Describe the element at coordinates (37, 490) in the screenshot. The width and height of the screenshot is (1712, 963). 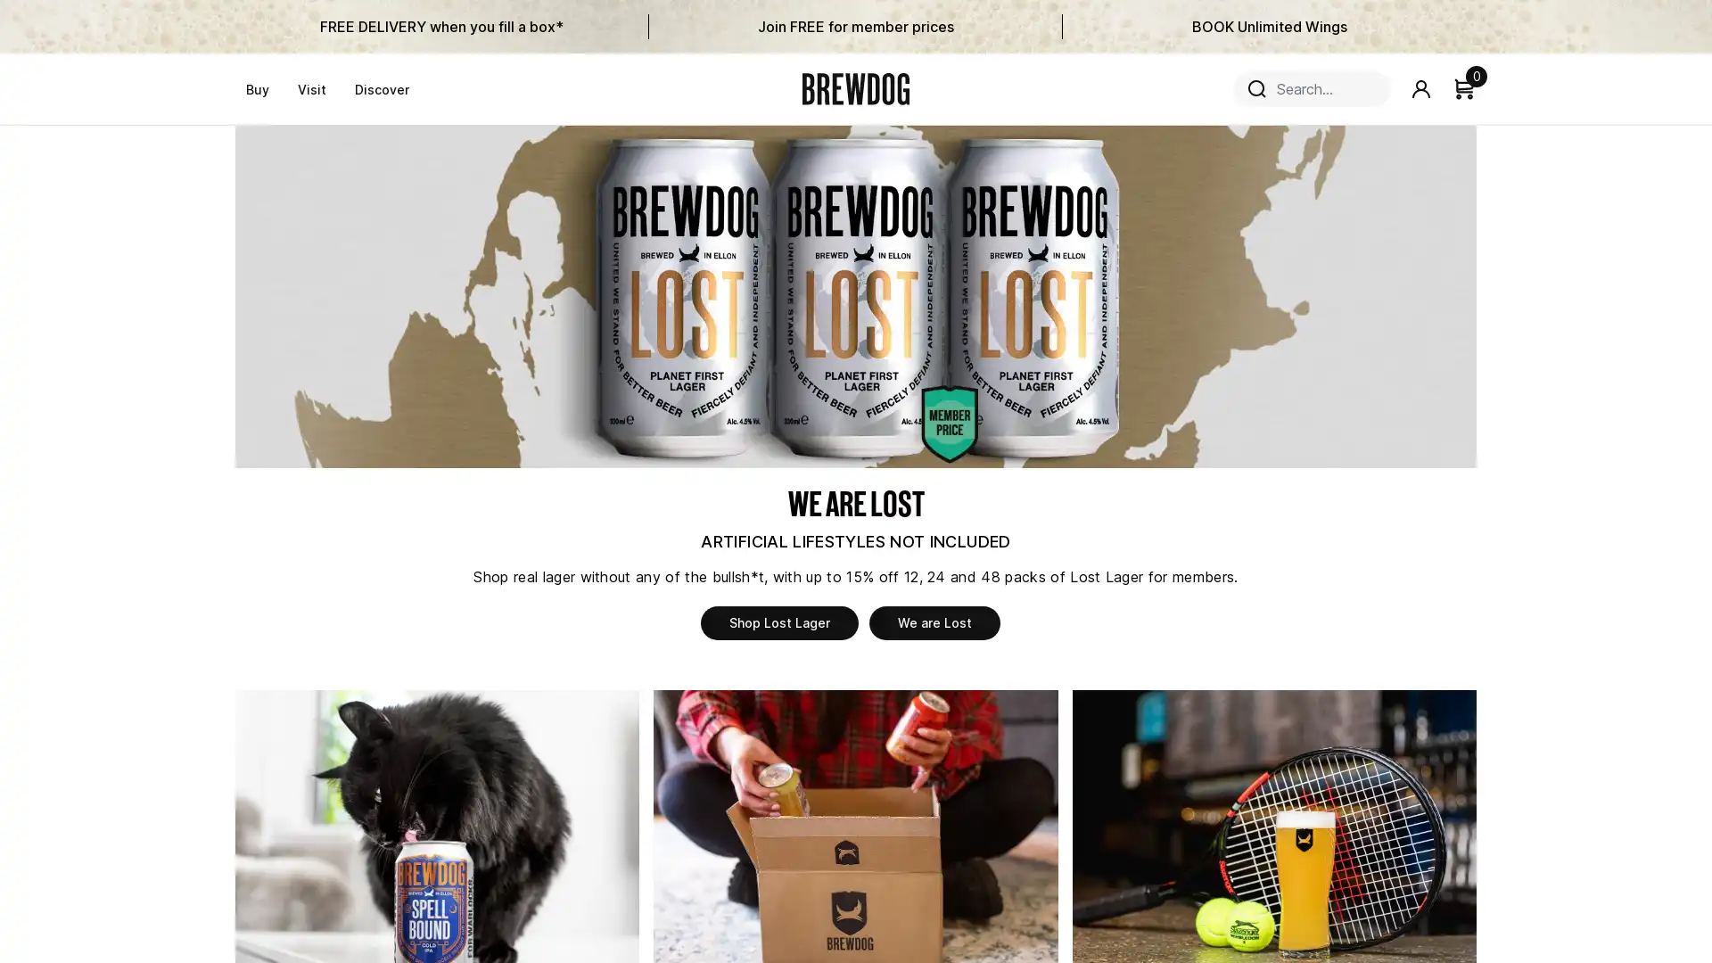
I see `Open accessibility options, statement and help` at that location.